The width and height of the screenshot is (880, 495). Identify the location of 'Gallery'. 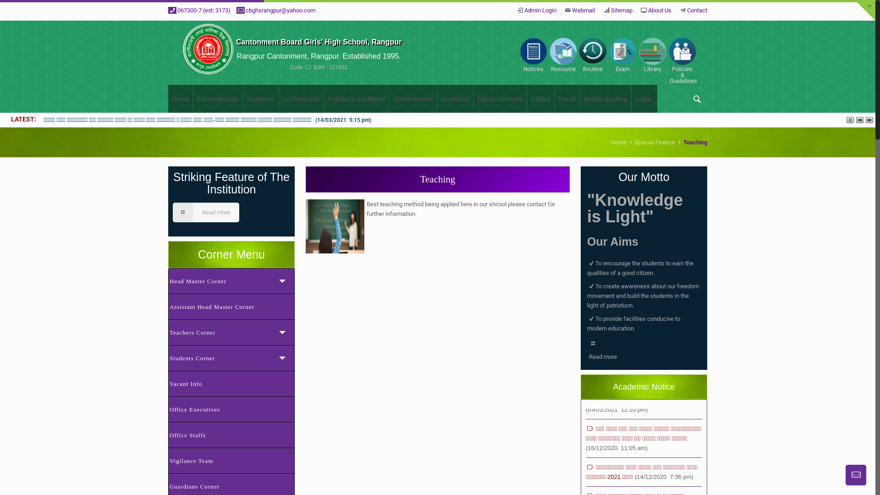
(527, 99).